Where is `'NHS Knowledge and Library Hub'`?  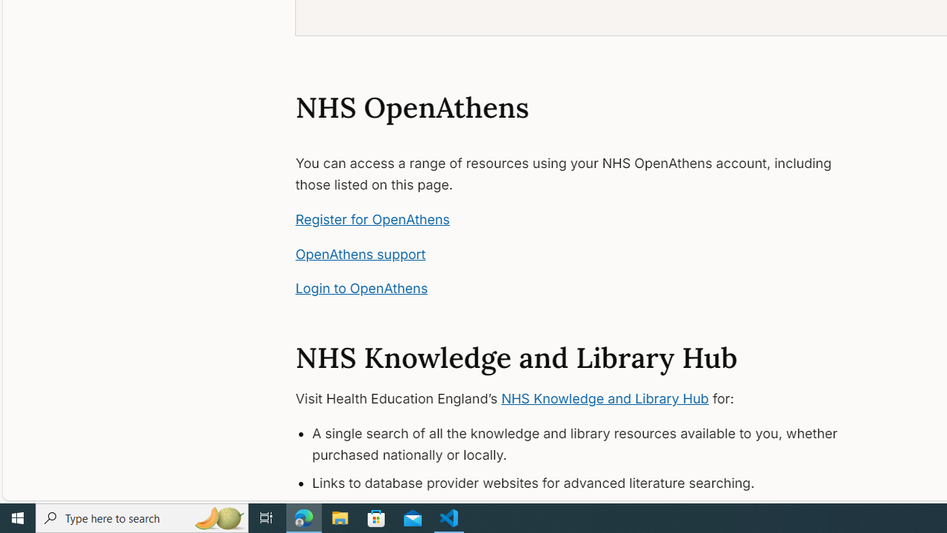
'NHS Knowledge and Library Hub' is located at coordinates (604, 398).